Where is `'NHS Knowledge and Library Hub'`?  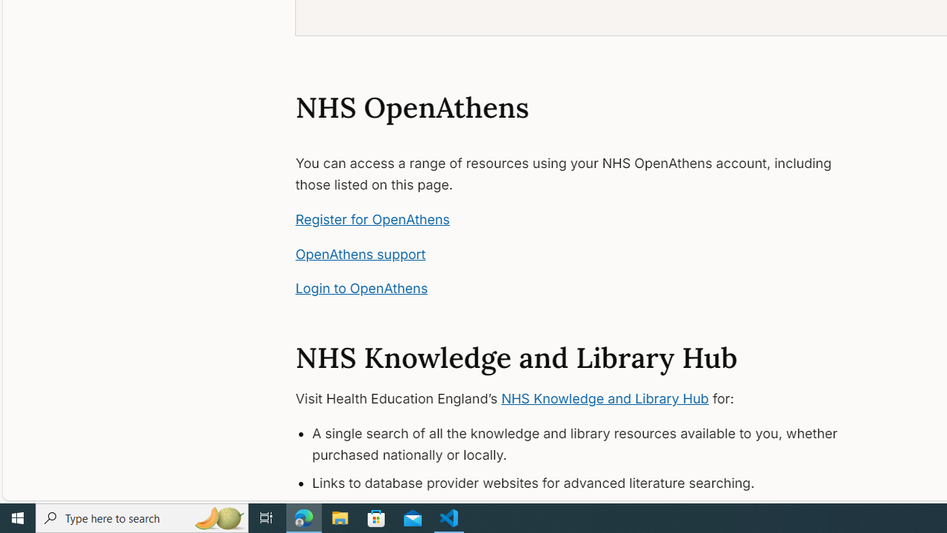
'NHS Knowledge and Library Hub' is located at coordinates (604, 398).